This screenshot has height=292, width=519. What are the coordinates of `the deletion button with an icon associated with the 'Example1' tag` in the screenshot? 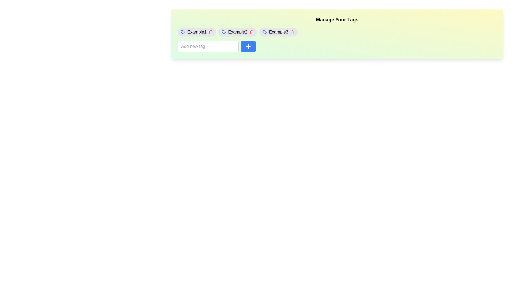 It's located at (211, 32).